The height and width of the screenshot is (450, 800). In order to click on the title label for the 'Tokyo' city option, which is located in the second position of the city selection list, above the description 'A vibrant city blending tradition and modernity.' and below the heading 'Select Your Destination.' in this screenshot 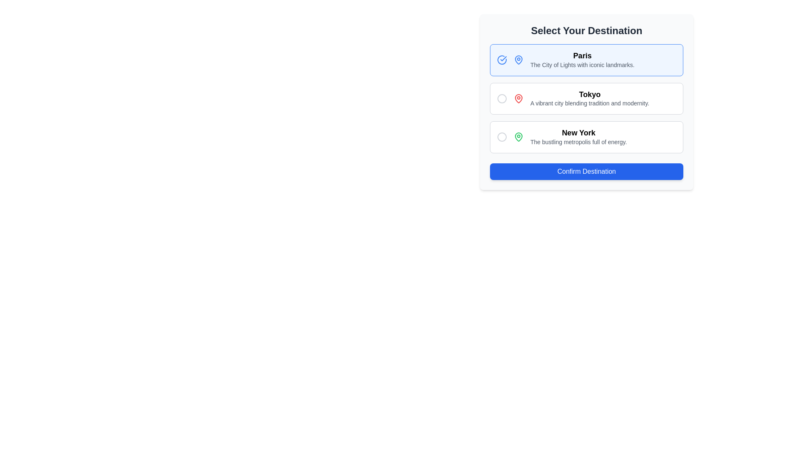, I will do `click(589, 94)`.